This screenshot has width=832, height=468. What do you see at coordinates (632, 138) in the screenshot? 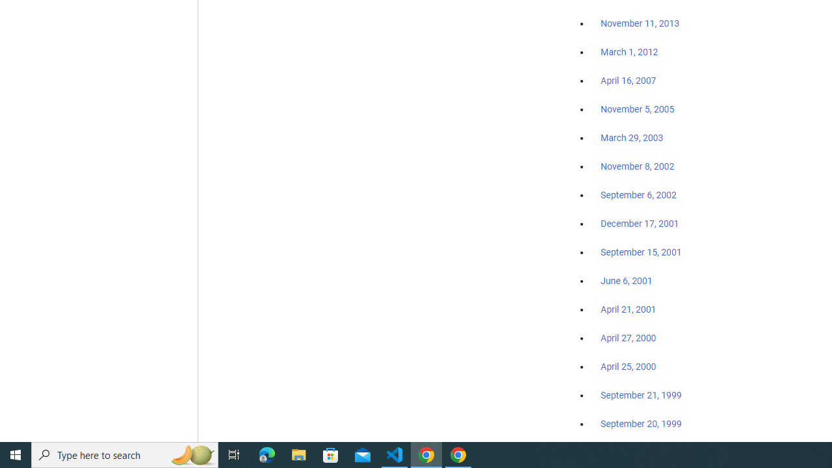
I see `'March 29, 2003'` at bounding box center [632, 138].